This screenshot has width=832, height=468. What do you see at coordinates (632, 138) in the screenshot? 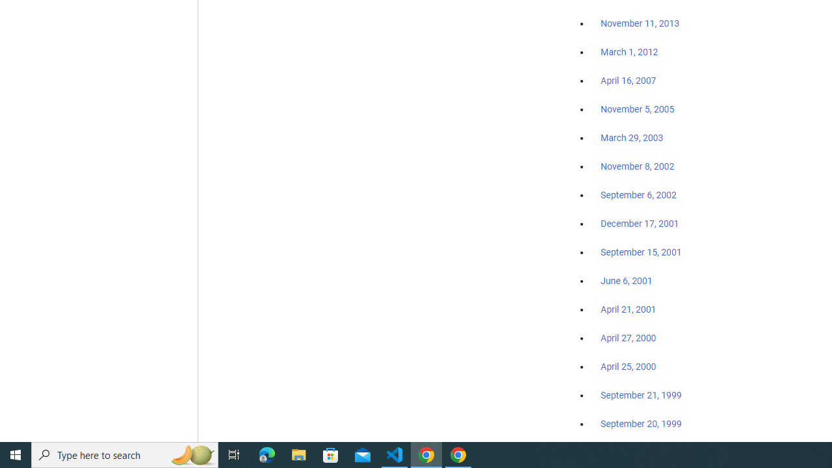
I see `'March 29, 2003'` at bounding box center [632, 138].